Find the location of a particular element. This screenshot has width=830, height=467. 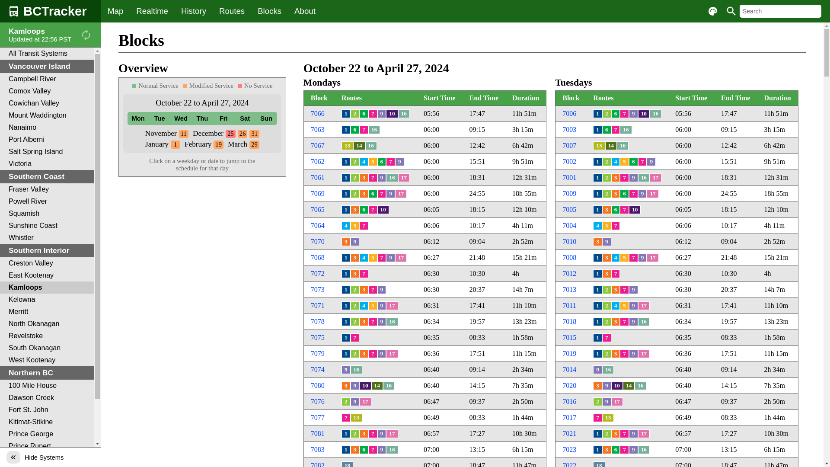

'13' is located at coordinates (593, 145).